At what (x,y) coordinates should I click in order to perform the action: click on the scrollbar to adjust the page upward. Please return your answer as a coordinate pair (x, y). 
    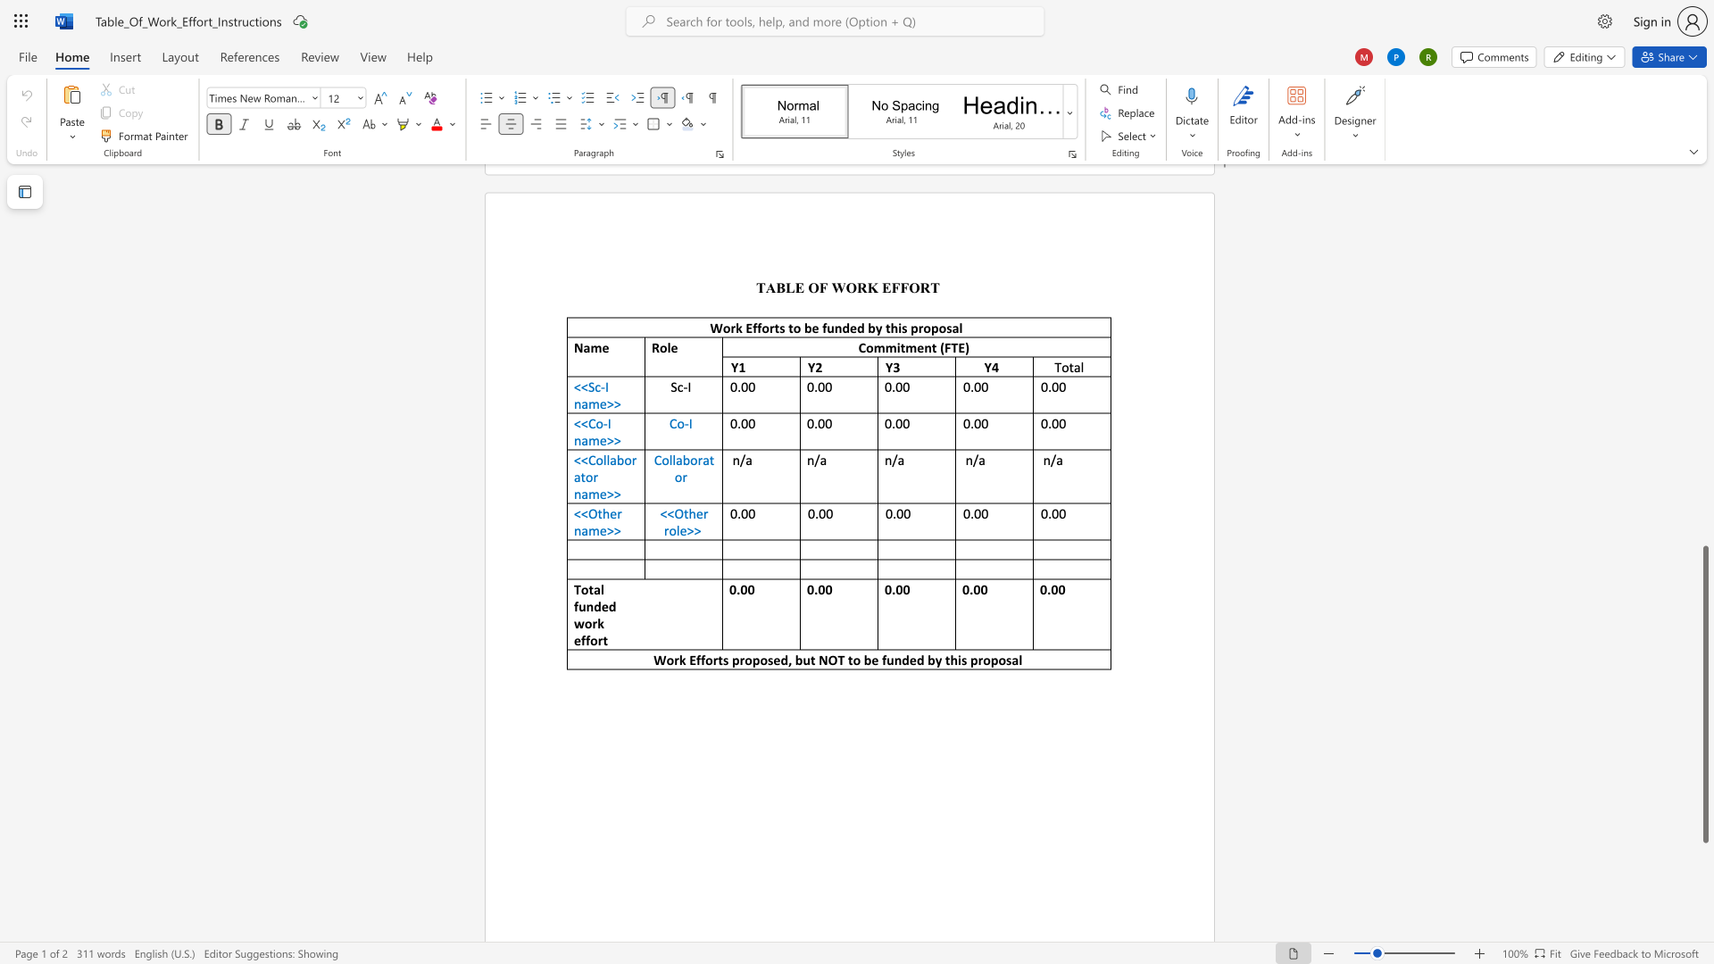
    Looking at the image, I should click on (1704, 268).